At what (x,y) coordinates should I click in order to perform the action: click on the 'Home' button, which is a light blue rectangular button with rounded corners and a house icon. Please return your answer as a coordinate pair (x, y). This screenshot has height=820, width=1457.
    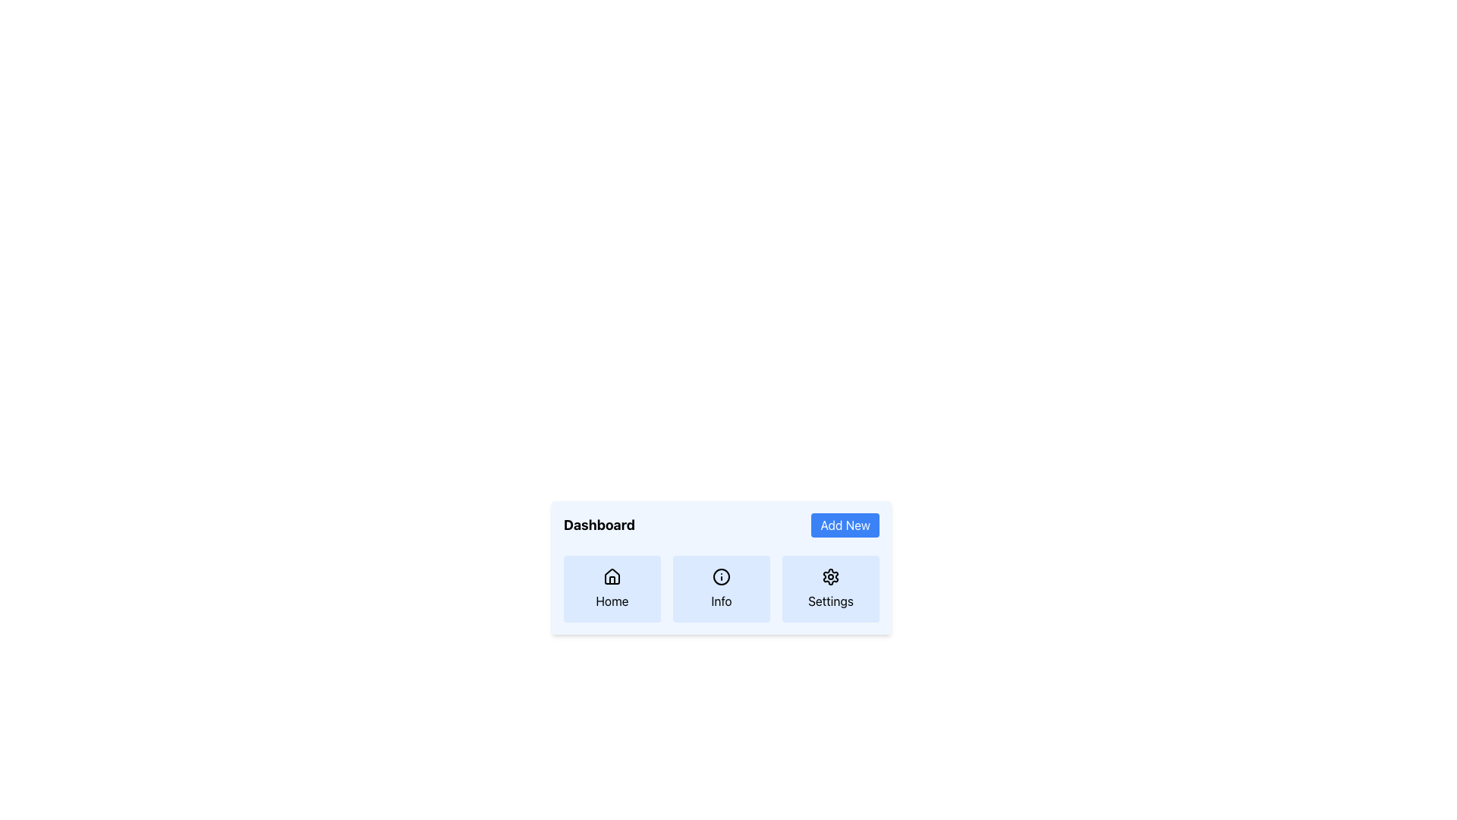
    Looking at the image, I should click on (612, 588).